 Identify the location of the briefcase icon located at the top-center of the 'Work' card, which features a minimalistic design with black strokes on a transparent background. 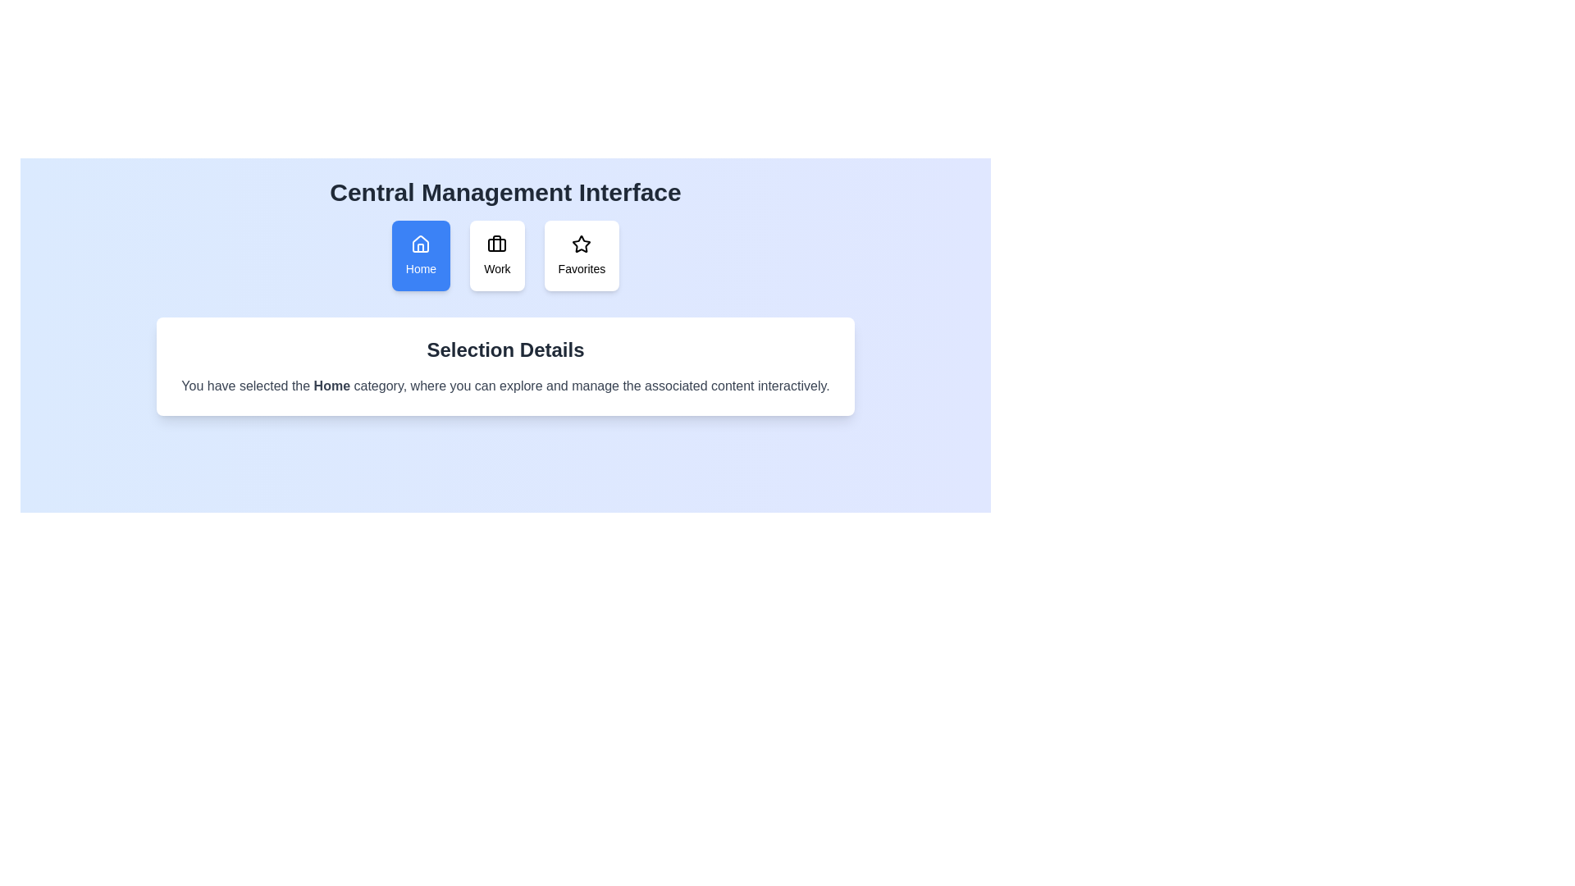
(496, 244).